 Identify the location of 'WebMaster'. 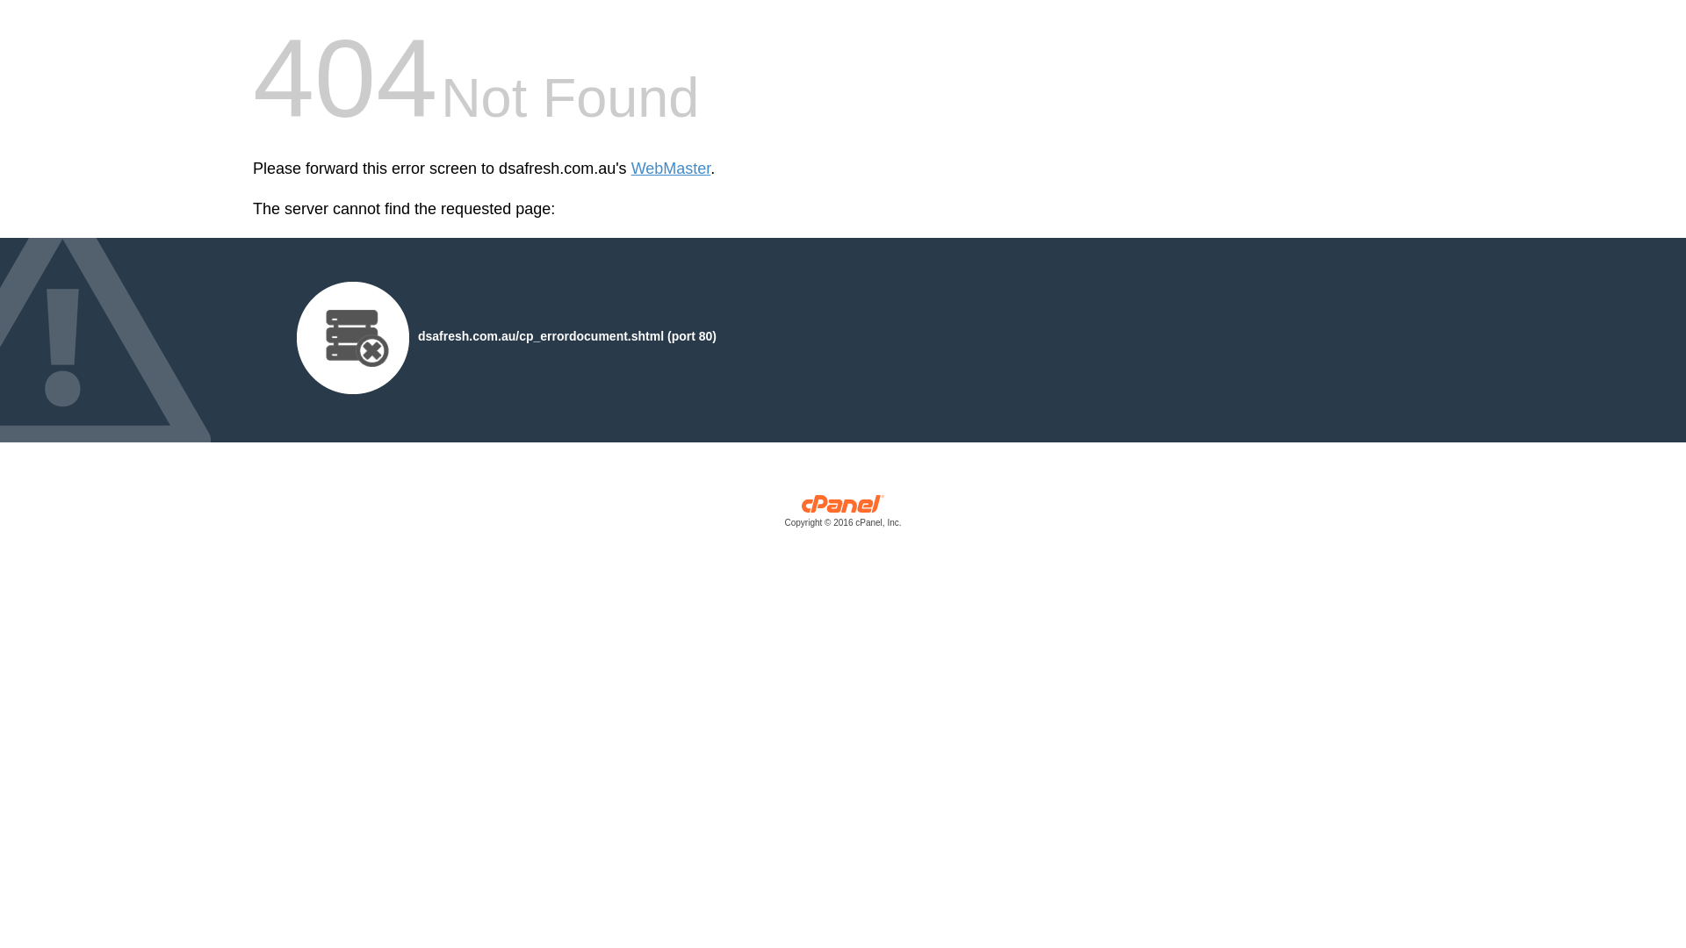
(670, 169).